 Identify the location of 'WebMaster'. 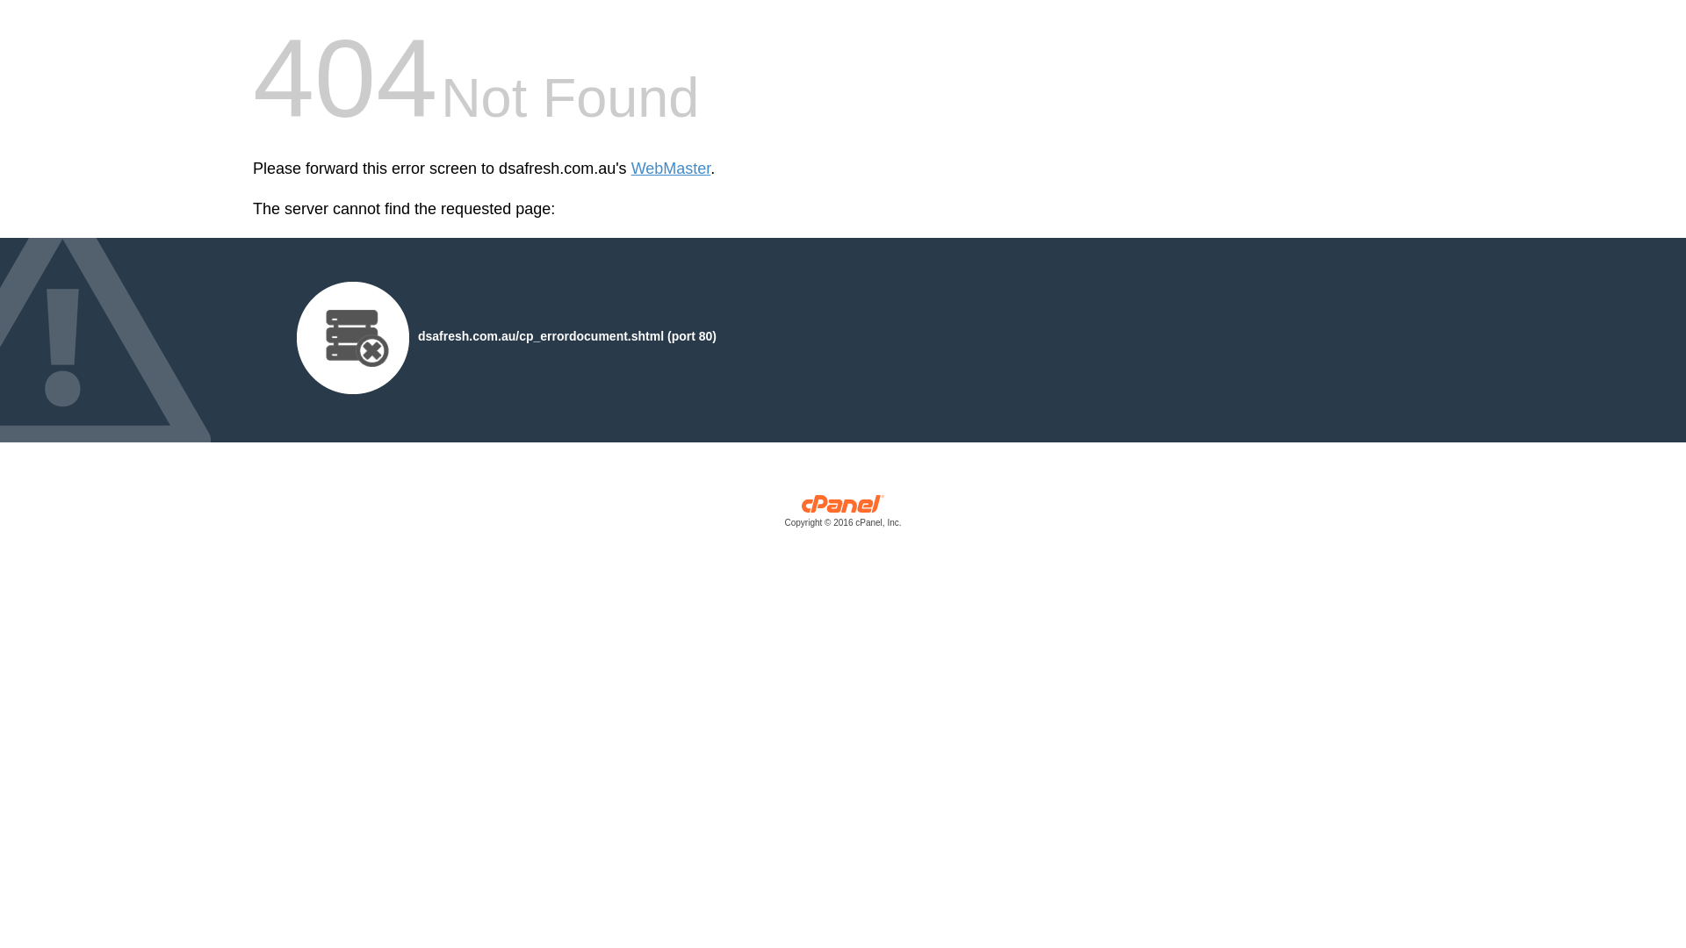
(670, 169).